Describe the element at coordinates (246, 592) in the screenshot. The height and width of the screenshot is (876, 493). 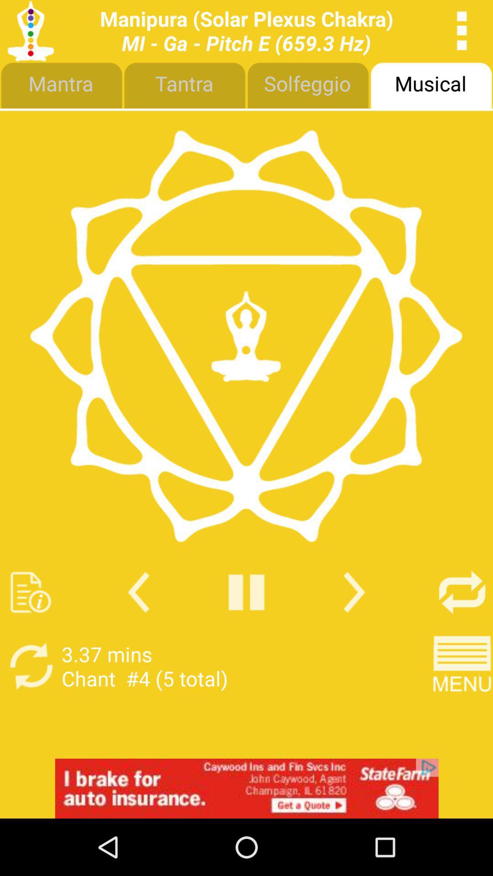
I see `pause audio` at that location.